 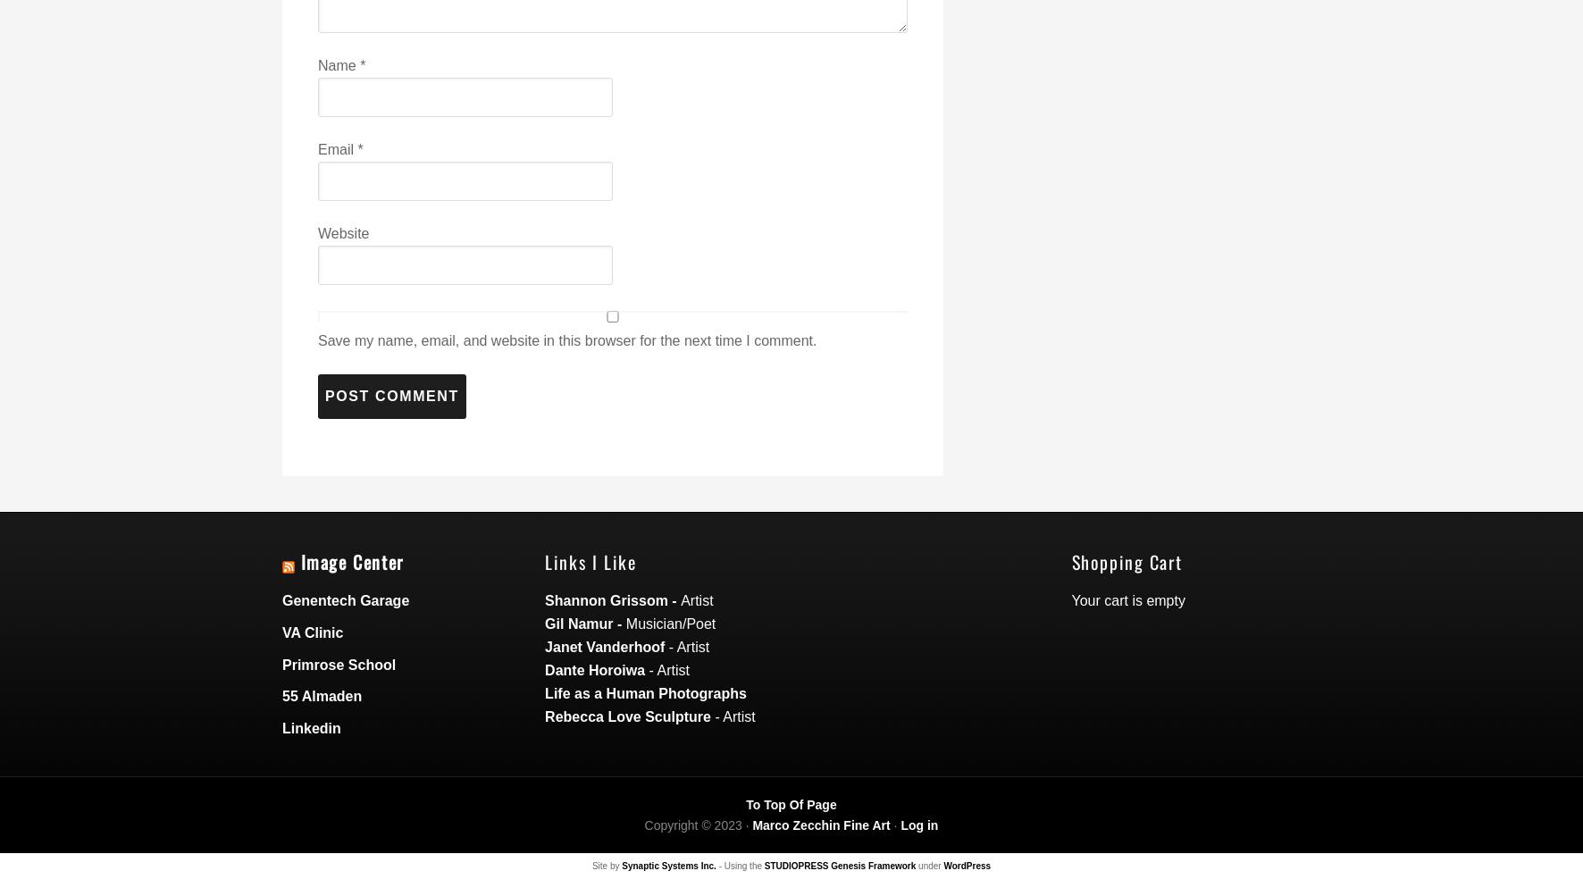 I want to click on 'Linkedin', so click(x=281, y=727).